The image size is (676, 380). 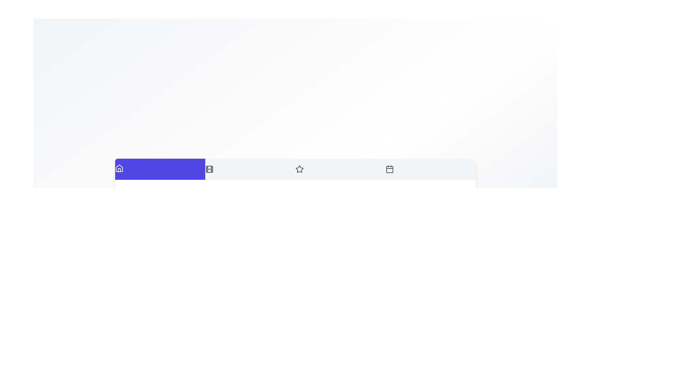 What do you see at coordinates (299, 169) in the screenshot?
I see `the star icon located in the horizontal navigation bar, which is the third icon from the left, positioned between a grid-like icon and a calendar icon` at bounding box center [299, 169].